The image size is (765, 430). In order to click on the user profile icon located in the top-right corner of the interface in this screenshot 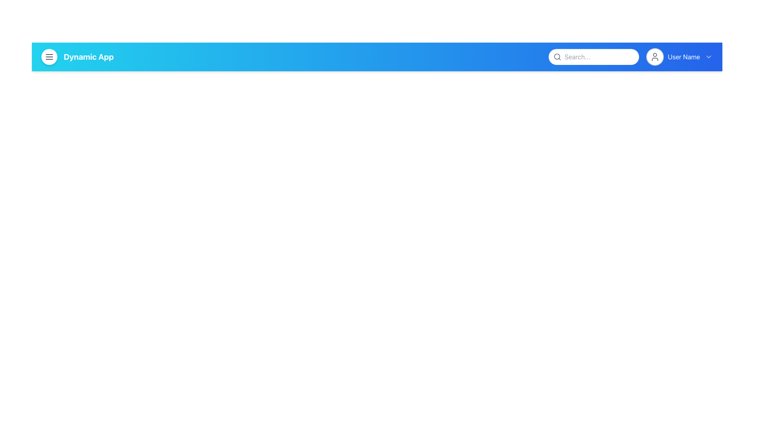, I will do `click(655, 56)`.